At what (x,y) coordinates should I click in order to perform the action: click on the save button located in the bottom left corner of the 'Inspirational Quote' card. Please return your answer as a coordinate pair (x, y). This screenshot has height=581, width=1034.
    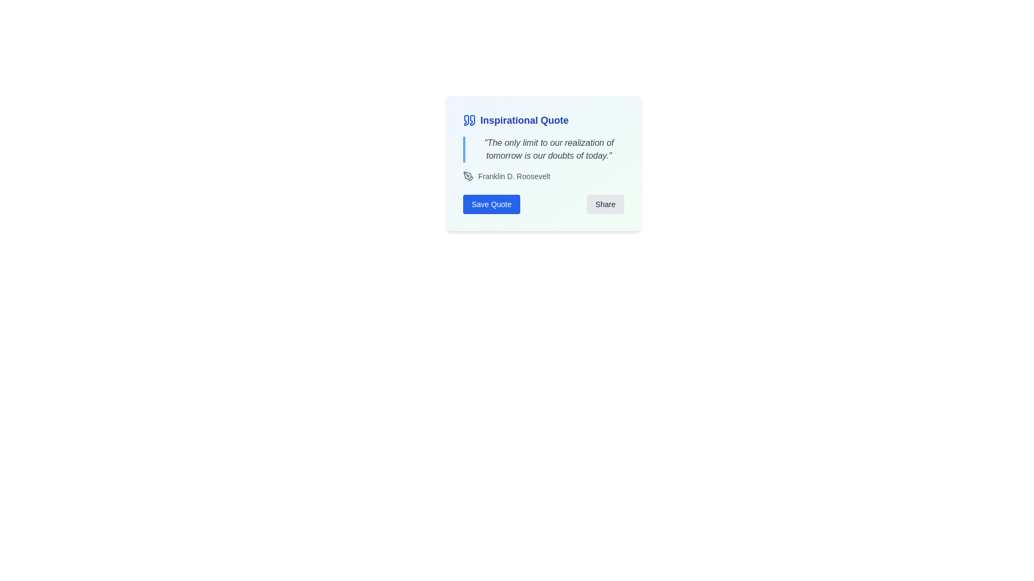
    Looking at the image, I should click on (491, 204).